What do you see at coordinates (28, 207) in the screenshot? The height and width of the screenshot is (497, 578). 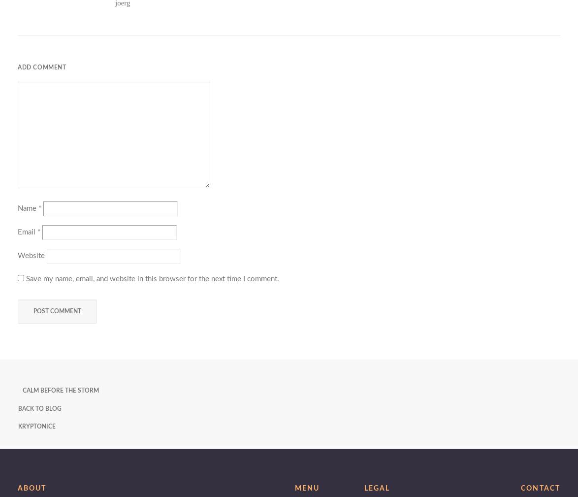 I see `'Name'` at bounding box center [28, 207].